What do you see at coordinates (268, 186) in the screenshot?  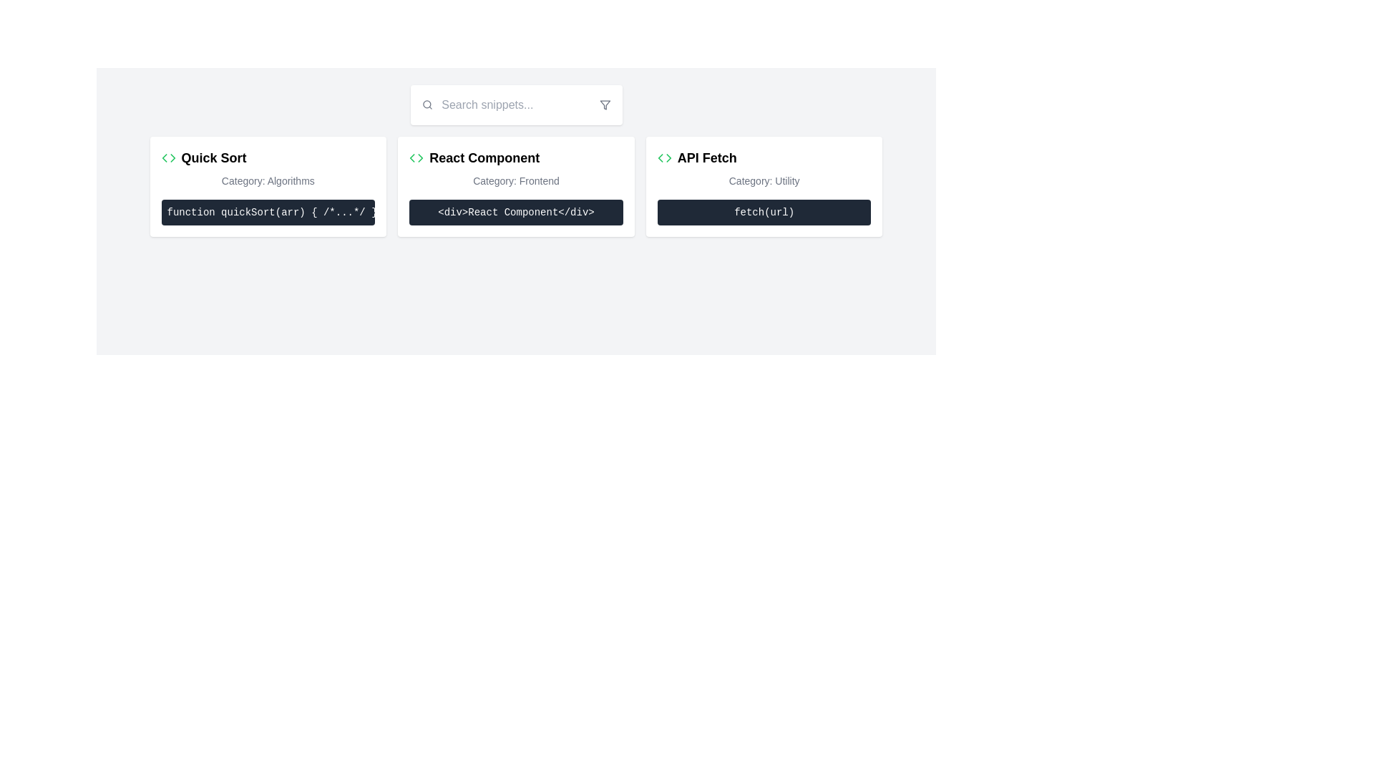 I see `the Information Card displaying 'Quick Sort' with a white background and rounded corners, which is the first card in a grid of three cards` at bounding box center [268, 186].